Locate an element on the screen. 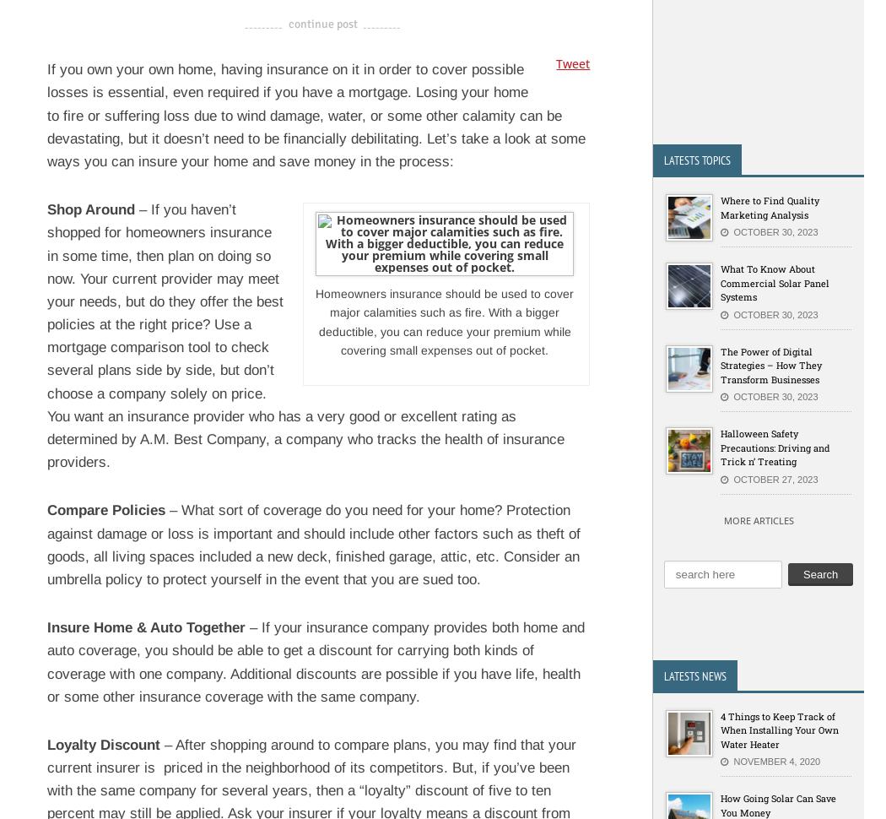 This screenshot has height=819, width=886. 'The Power of Digital Strategies – How They Transform Businesses' is located at coordinates (771, 365).